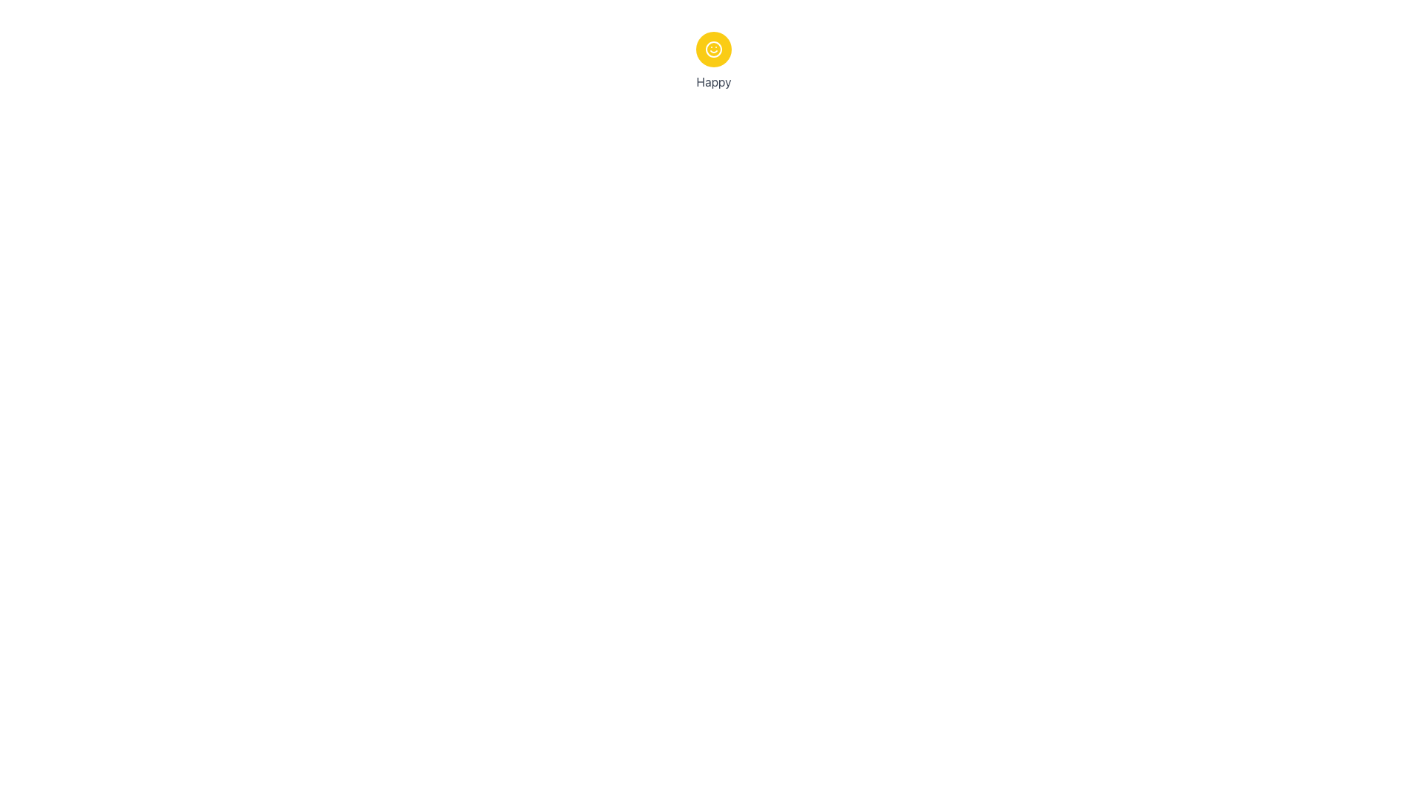 The width and height of the screenshot is (1422, 799). What do you see at coordinates (714, 82) in the screenshot?
I see `the informational text label that conveys the mood or status as 'Happy', positioned below a yellow circular icon with a smiley face` at bounding box center [714, 82].